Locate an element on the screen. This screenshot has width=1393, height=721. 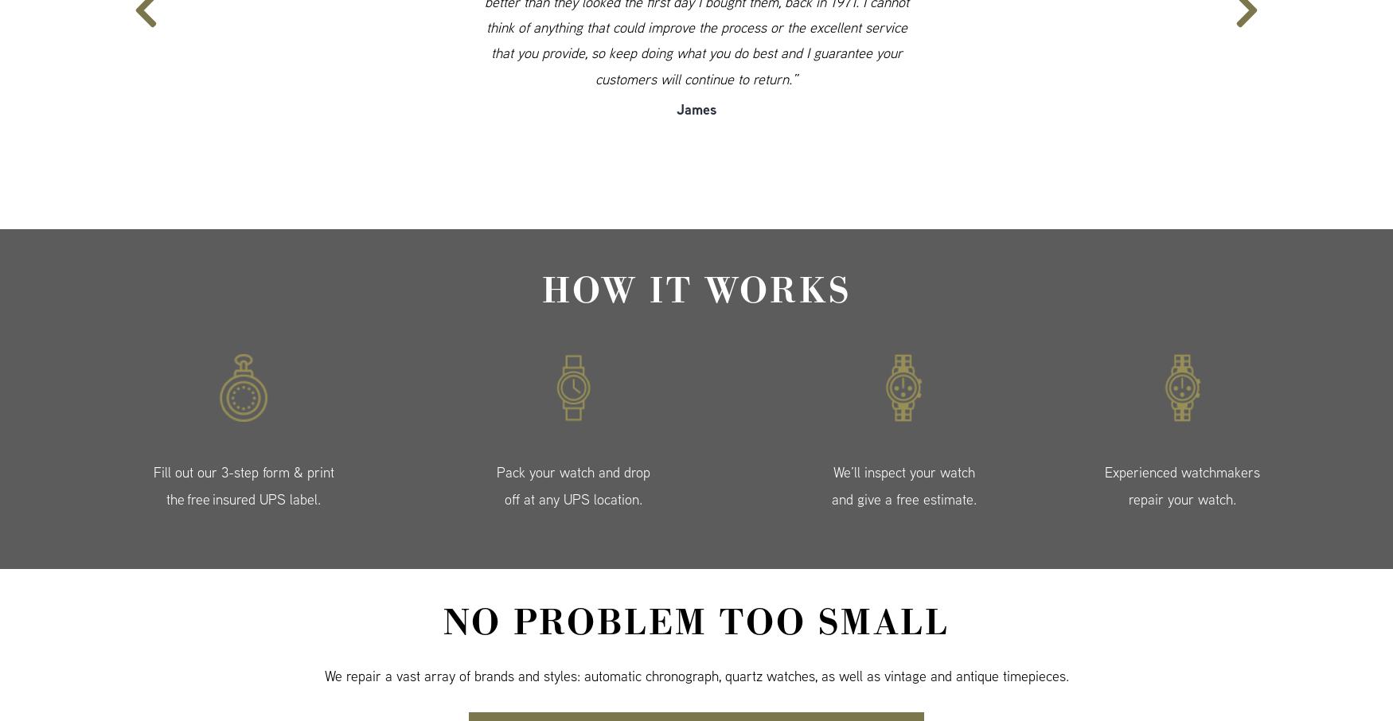
'repair your watch.' is located at coordinates (1182, 499).